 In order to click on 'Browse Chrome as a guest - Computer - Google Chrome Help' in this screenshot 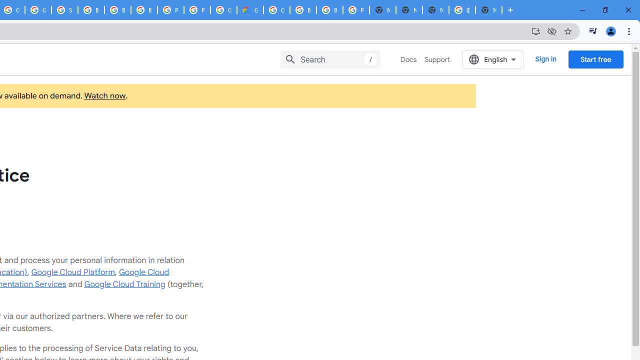, I will do `click(91, 10)`.